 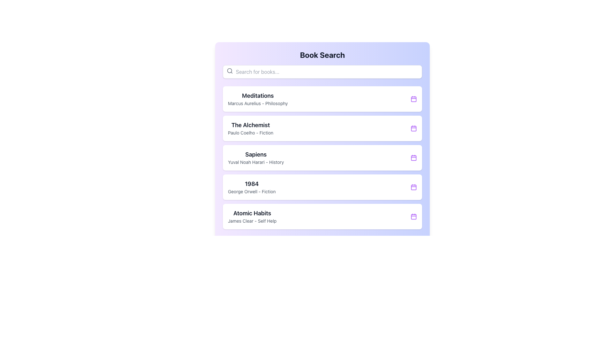 What do you see at coordinates (251, 184) in the screenshot?
I see `the text label displaying the title '1984', which is positioned within a list and is the third item in the sequence` at bounding box center [251, 184].